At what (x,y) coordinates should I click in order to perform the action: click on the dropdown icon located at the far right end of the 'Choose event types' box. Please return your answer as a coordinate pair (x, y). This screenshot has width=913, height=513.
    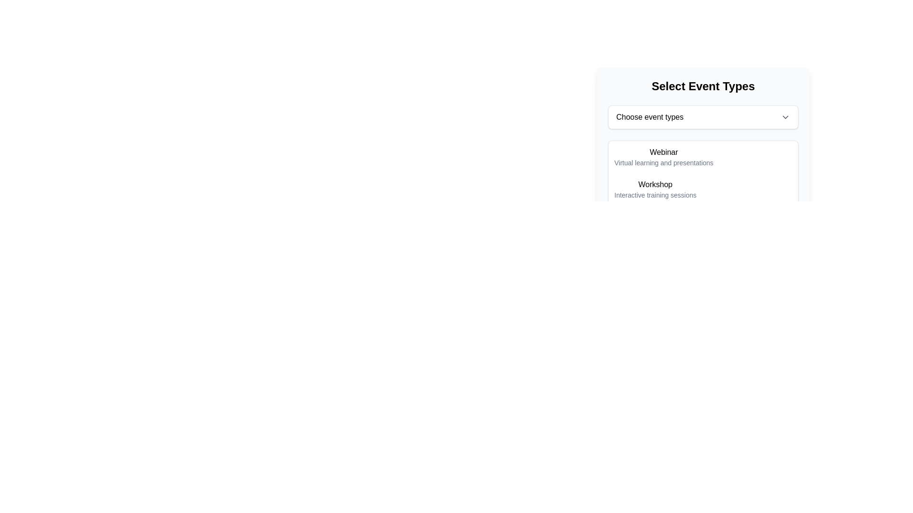
    Looking at the image, I should click on (785, 116).